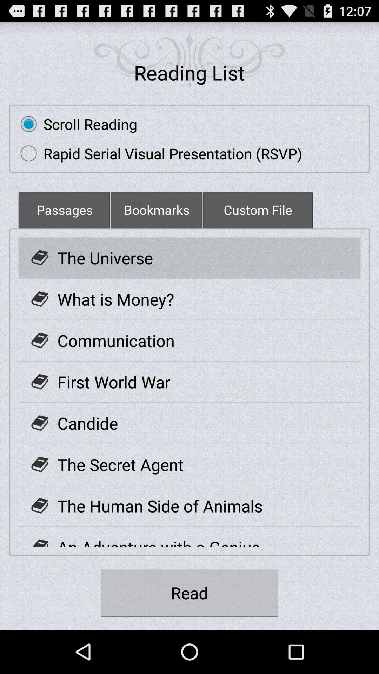 Image resolution: width=379 pixels, height=674 pixels. I want to click on rapid serial visual icon, so click(158, 153).